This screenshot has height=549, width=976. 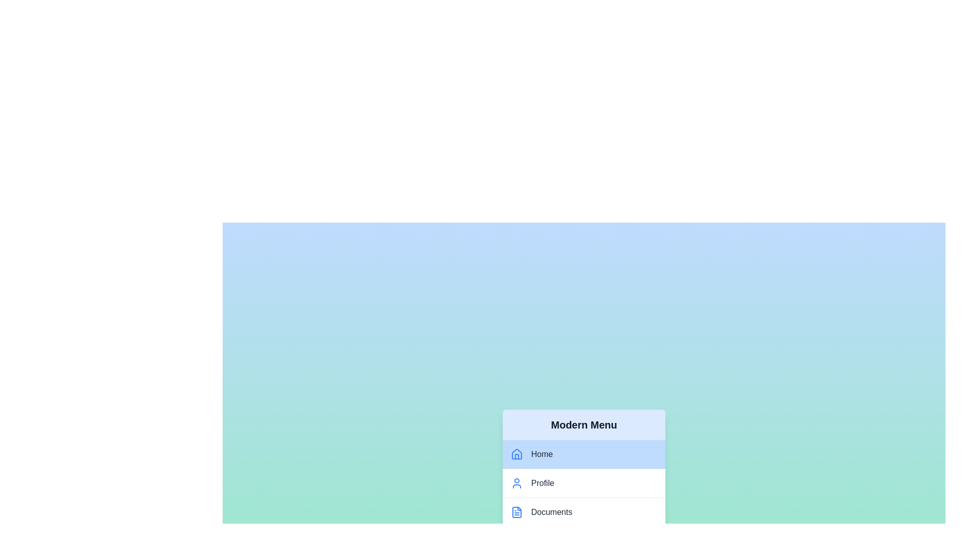 I want to click on the menu item labeled Profile to observe the hover effect, so click(x=584, y=482).